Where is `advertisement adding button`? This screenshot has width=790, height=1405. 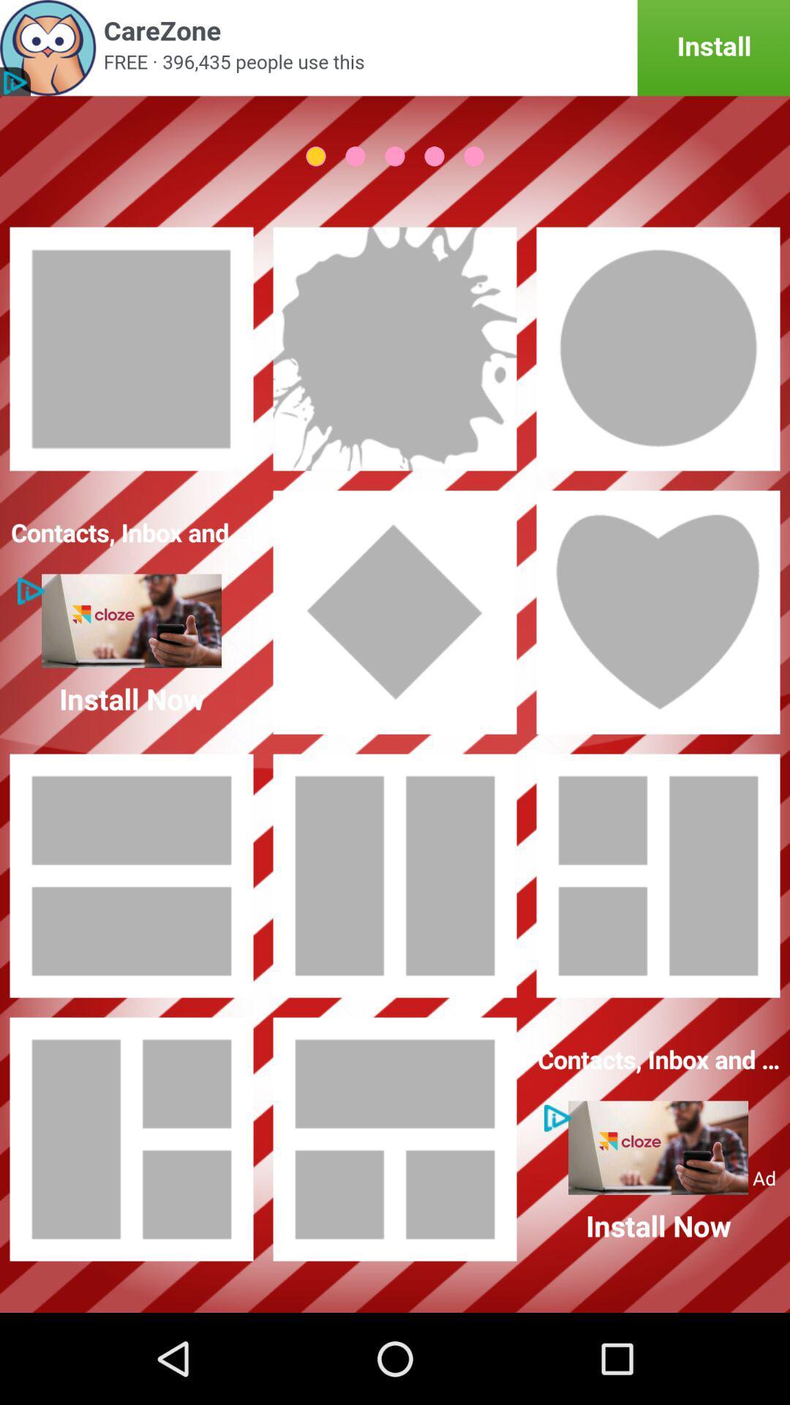
advertisement adding button is located at coordinates (395, 48).